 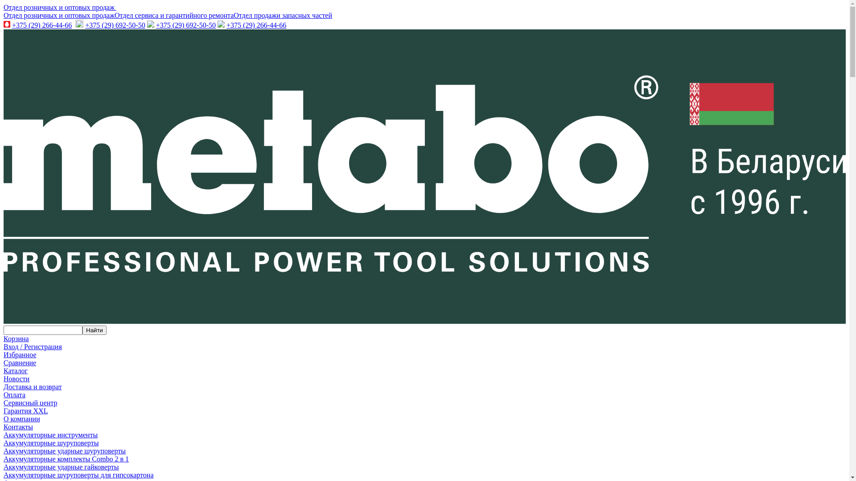 I want to click on '+375 (29) 692-50-50', so click(x=115, y=24).